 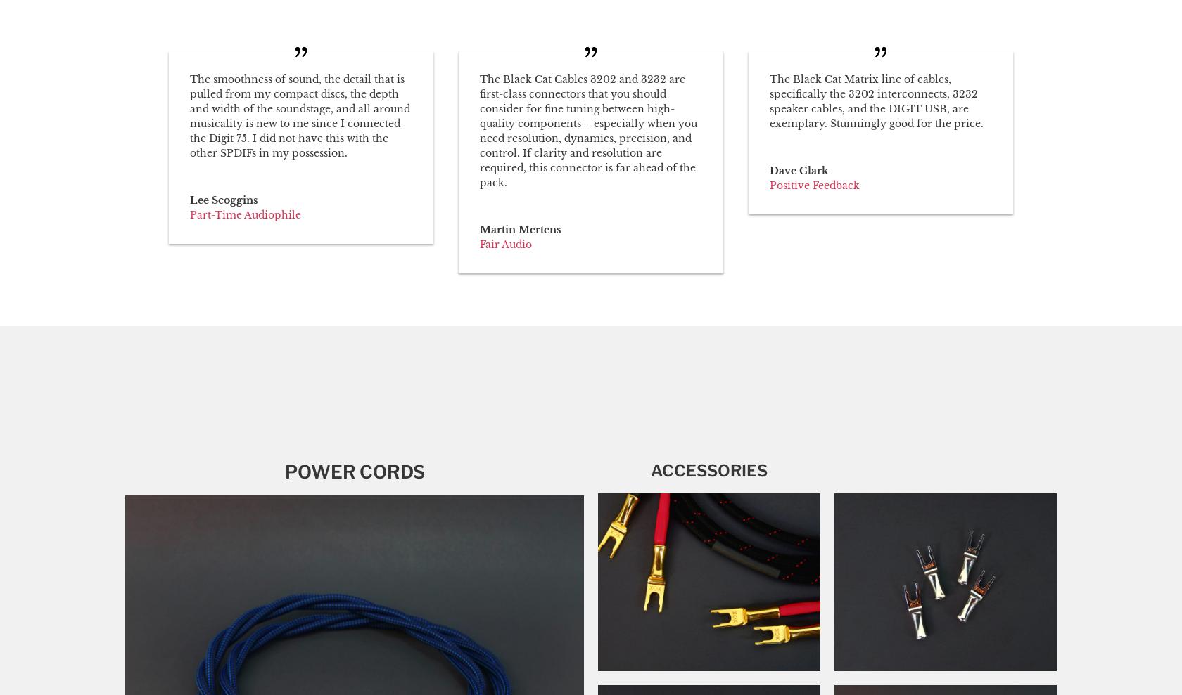 What do you see at coordinates (798, 169) in the screenshot?
I see `'Dave Clark'` at bounding box center [798, 169].